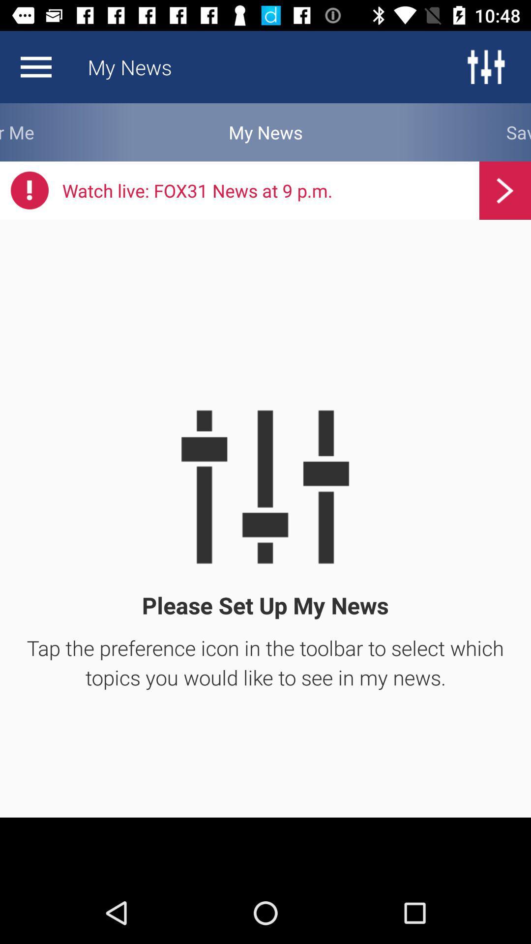  I want to click on the menu icon, so click(35, 66).